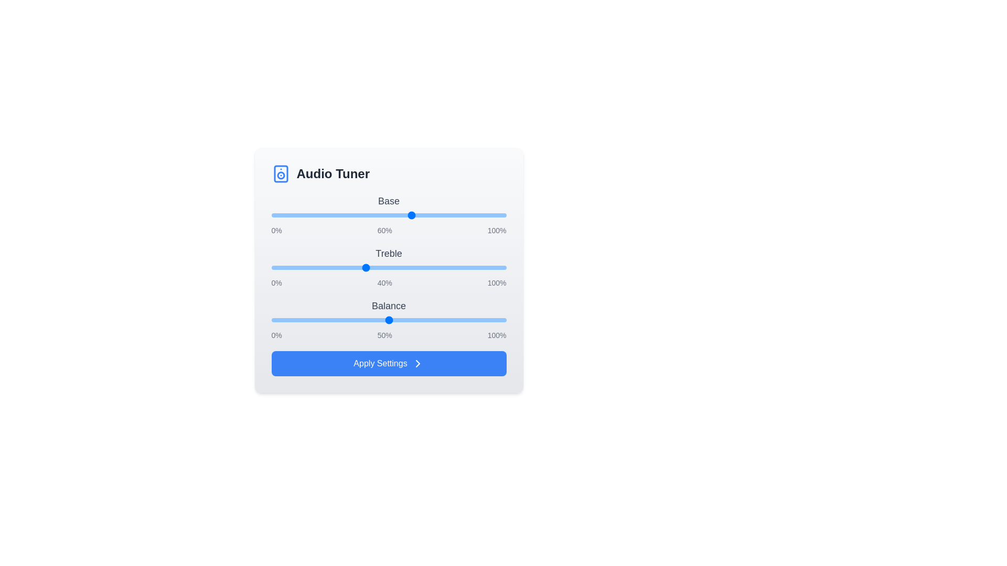 This screenshot has width=1007, height=566. What do you see at coordinates (365, 267) in the screenshot?
I see `the 1 slider to 40%` at bounding box center [365, 267].